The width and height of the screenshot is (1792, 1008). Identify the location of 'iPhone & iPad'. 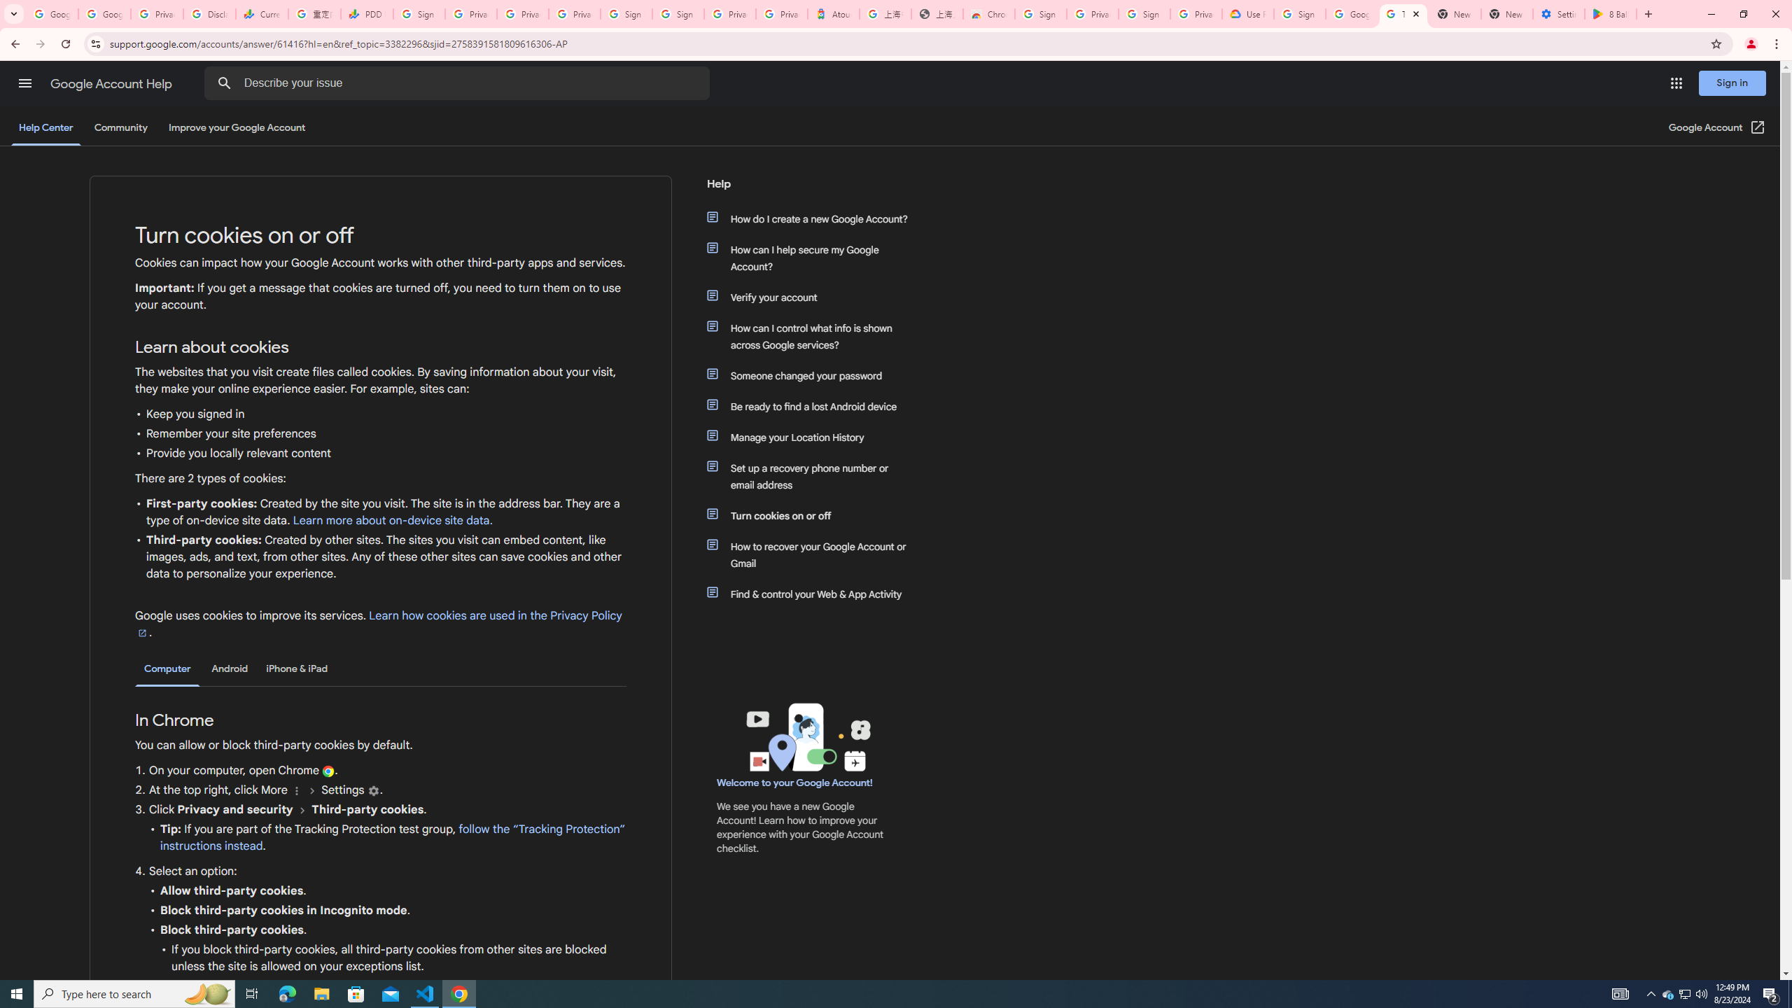
(296, 668).